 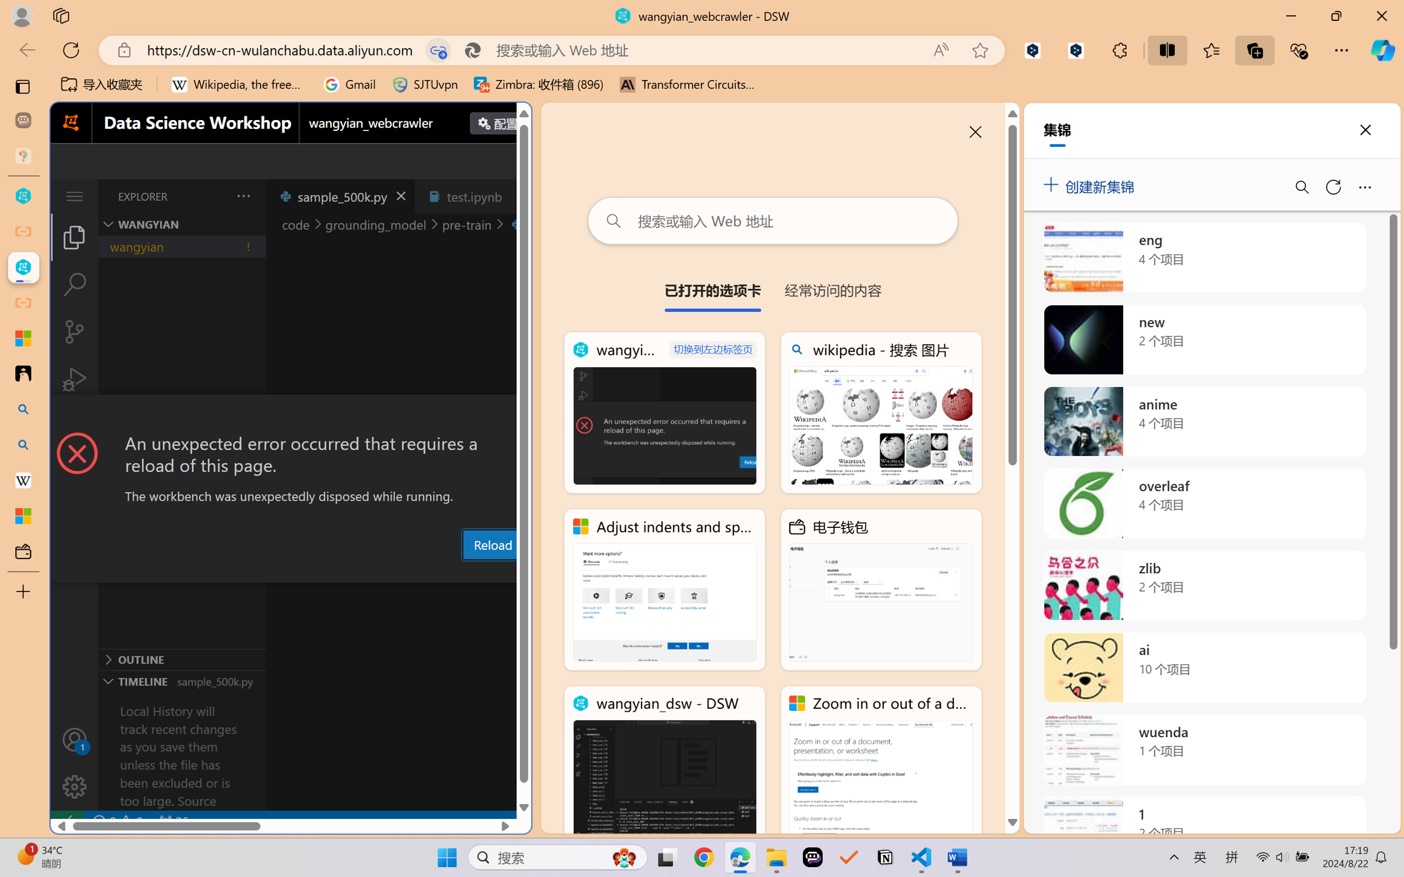 What do you see at coordinates (182, 658) in the screenshot?
I see `'Outline Section'` at bounding box center [182, 658].